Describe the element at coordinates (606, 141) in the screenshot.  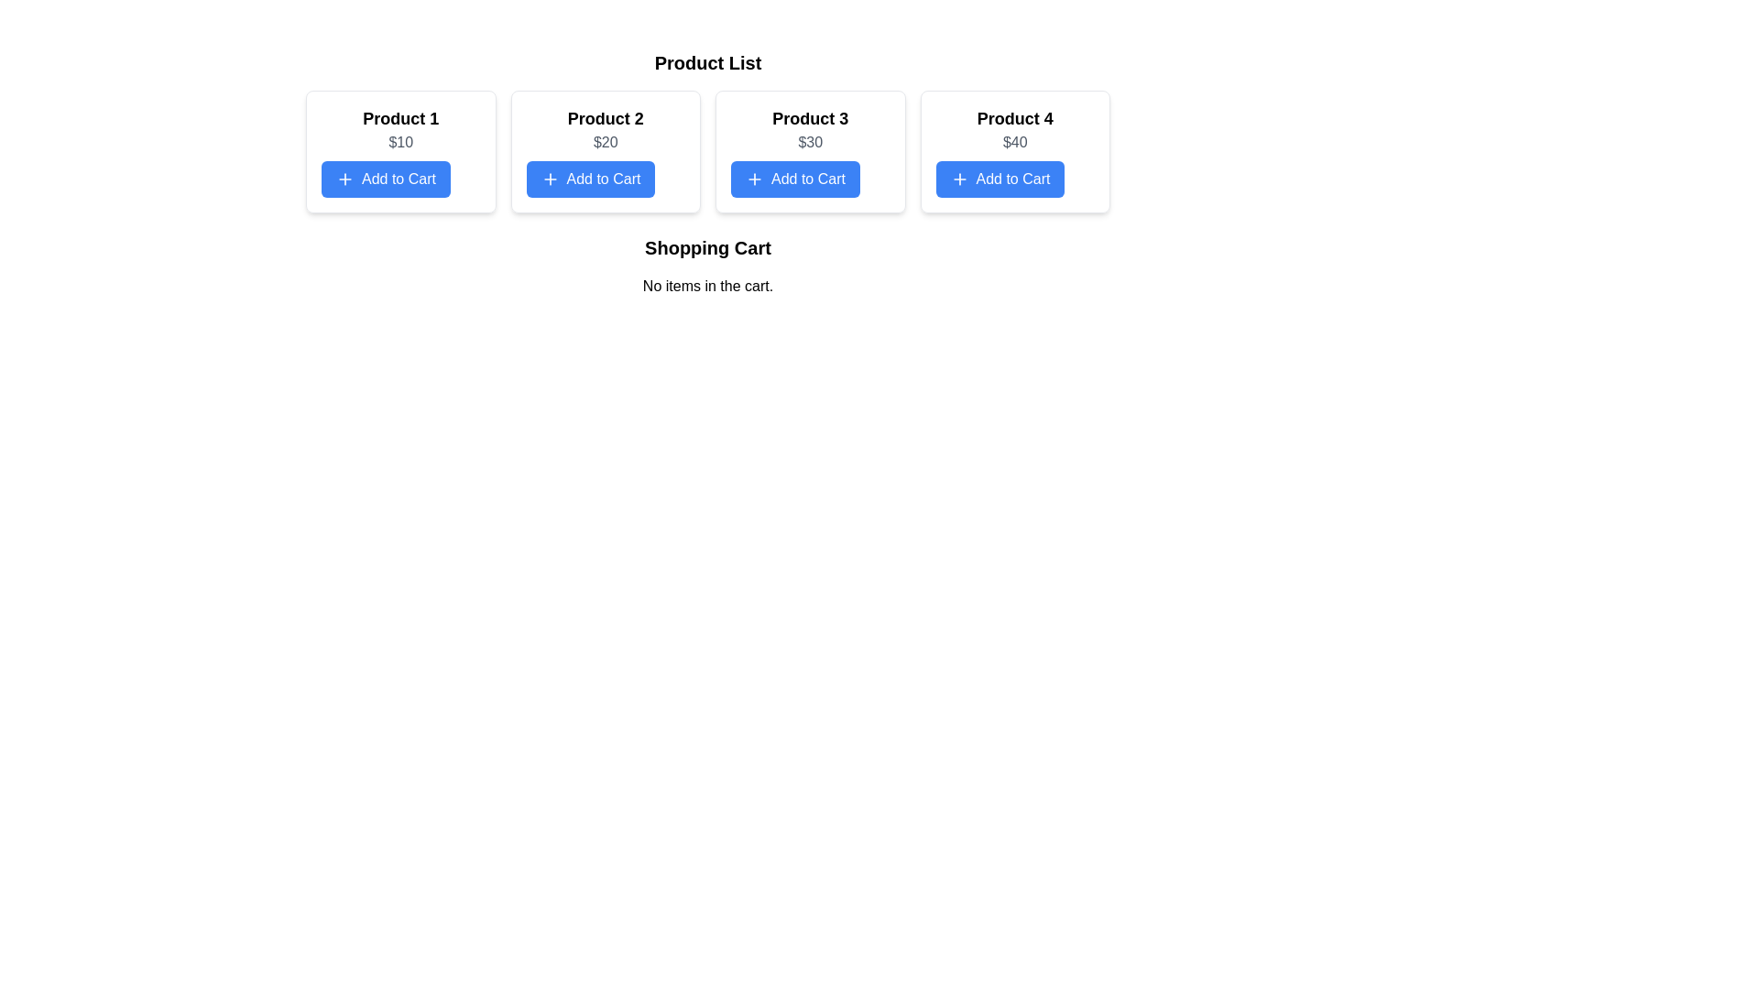
I see `the text label displaying '$20' in gray color, which is positioned under the title 'Product 2' and above the 'Add to Cart' button` at that location.